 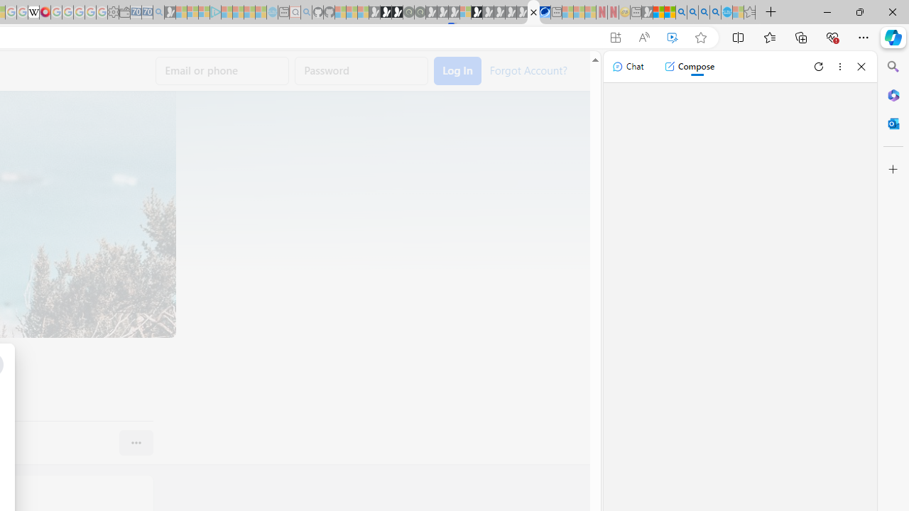 What do you see at coordinates (715, 12) in the screenshot?
I see `'Google Chrome Internet Browser Download - Search Images'` at bounding box center [715, 12].